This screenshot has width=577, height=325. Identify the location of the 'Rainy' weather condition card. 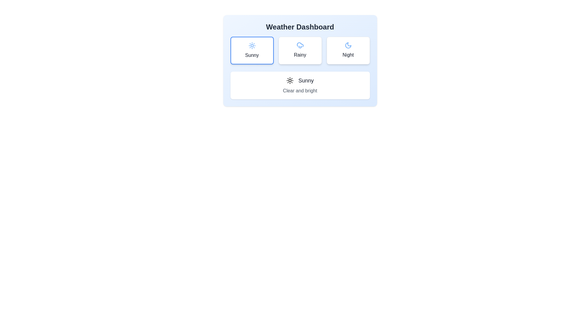
(300, 50).